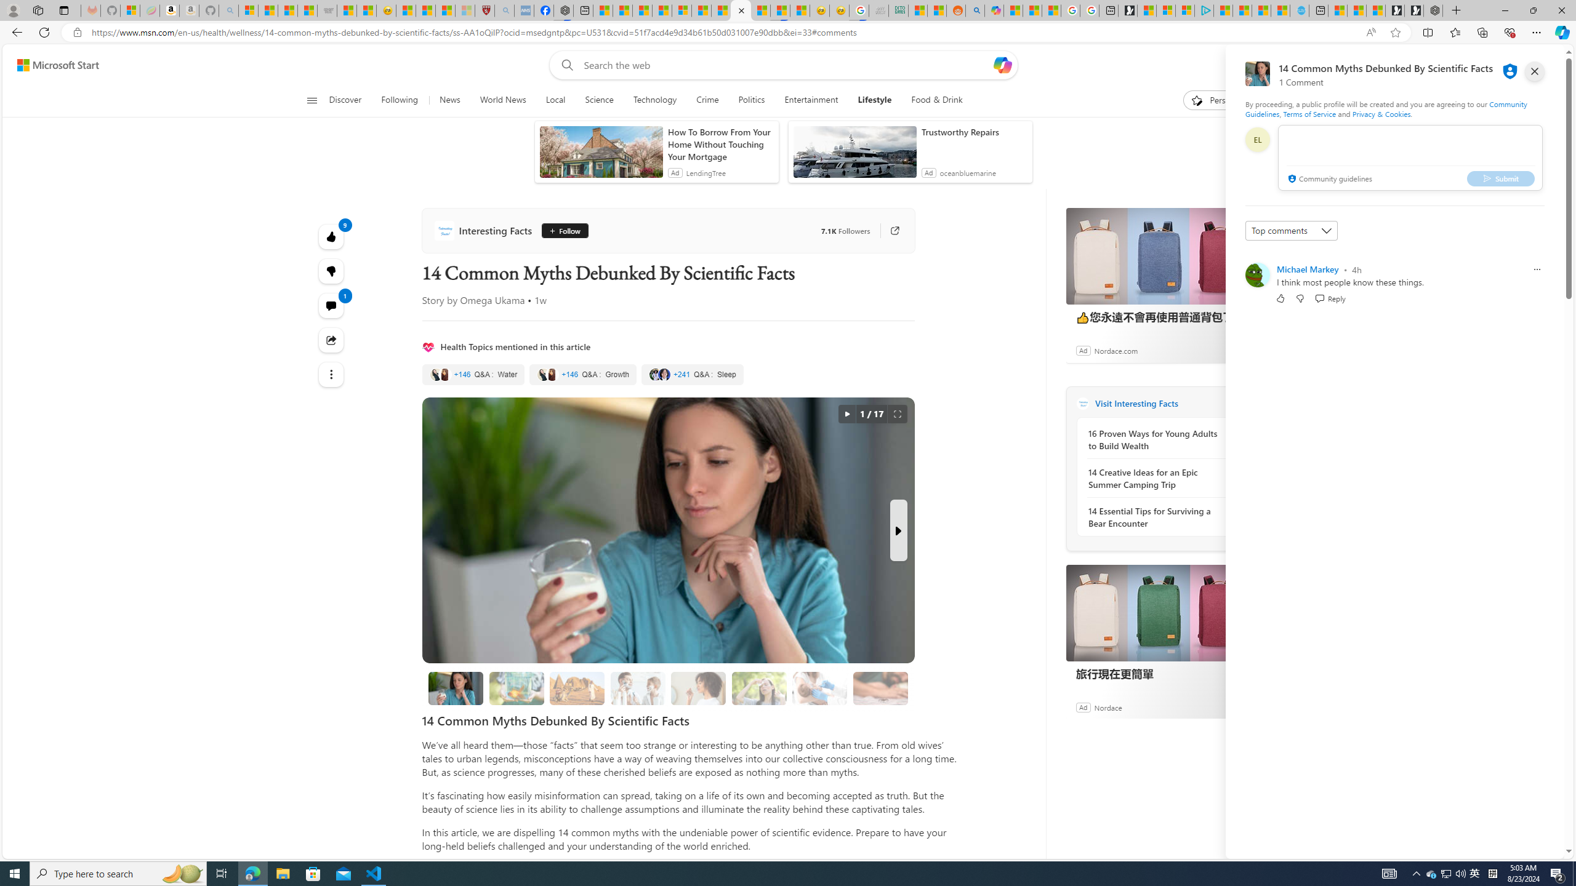  I want to click on 'Food & Drink', so click(936, 100).